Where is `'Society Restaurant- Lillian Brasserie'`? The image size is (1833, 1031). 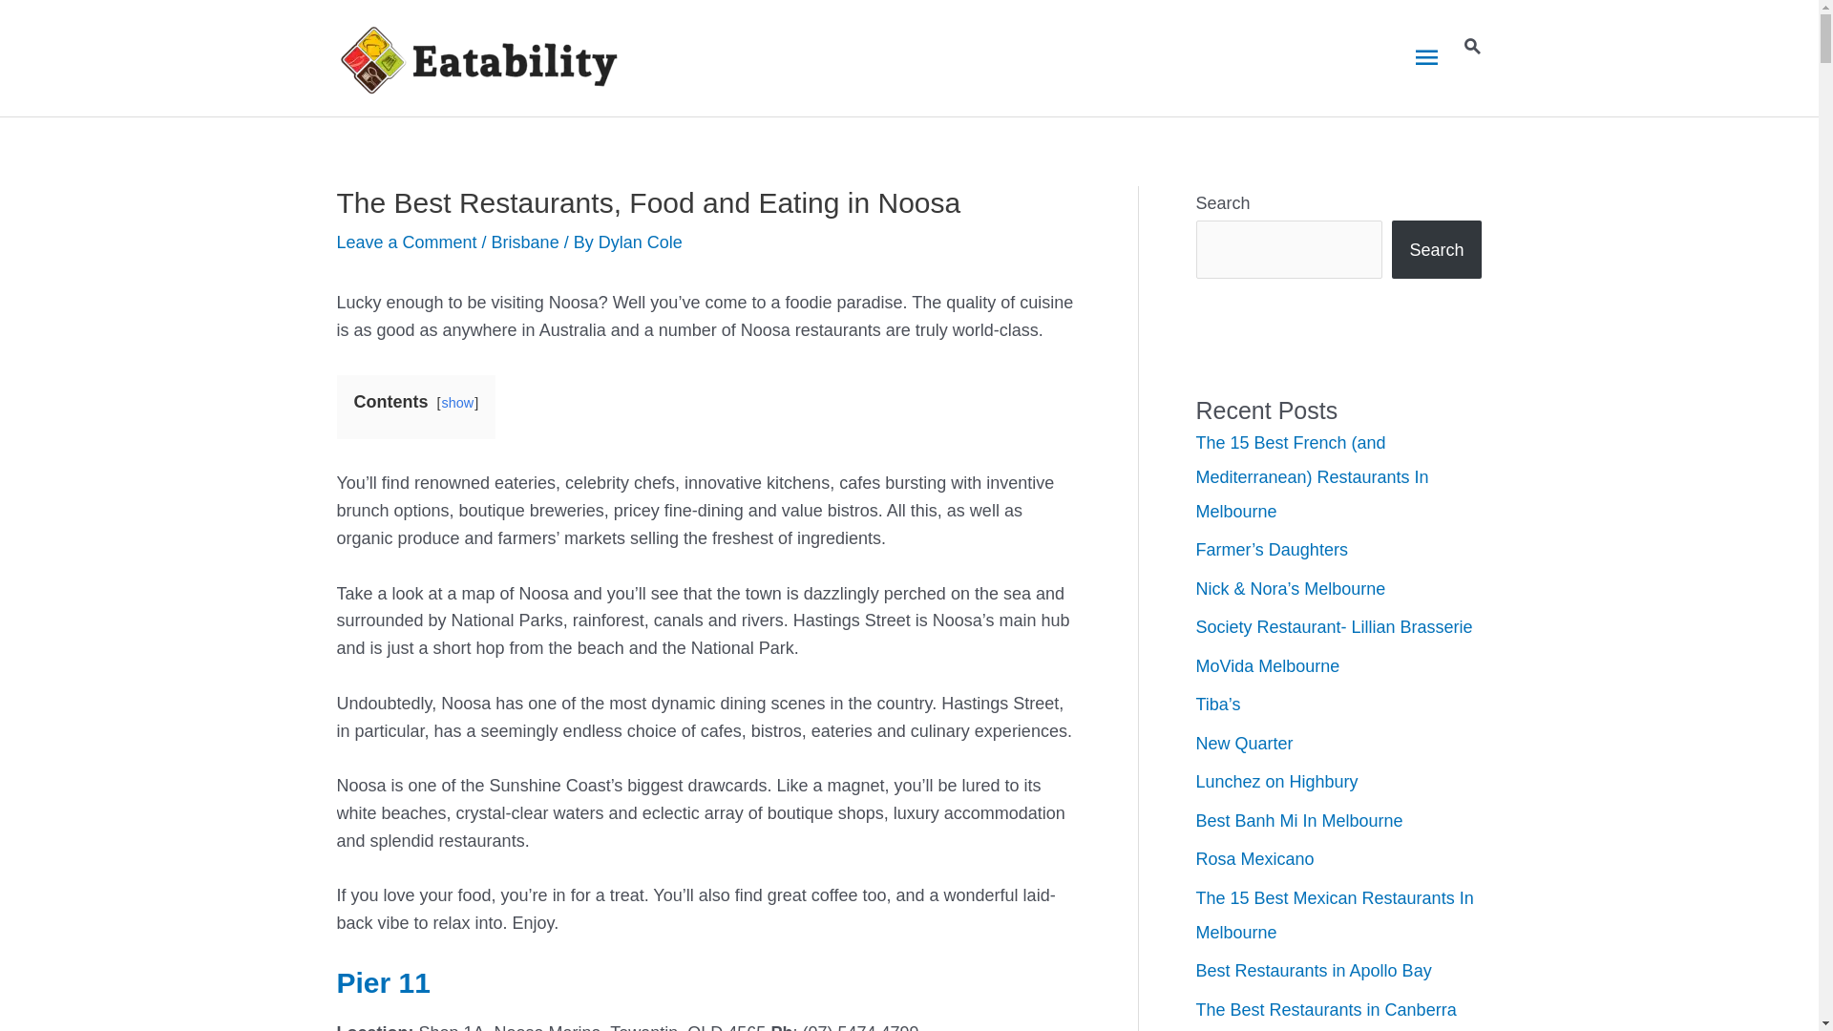
'Society Restaurant- Lillian Brasserie' is located at coordinates (1332, 626).